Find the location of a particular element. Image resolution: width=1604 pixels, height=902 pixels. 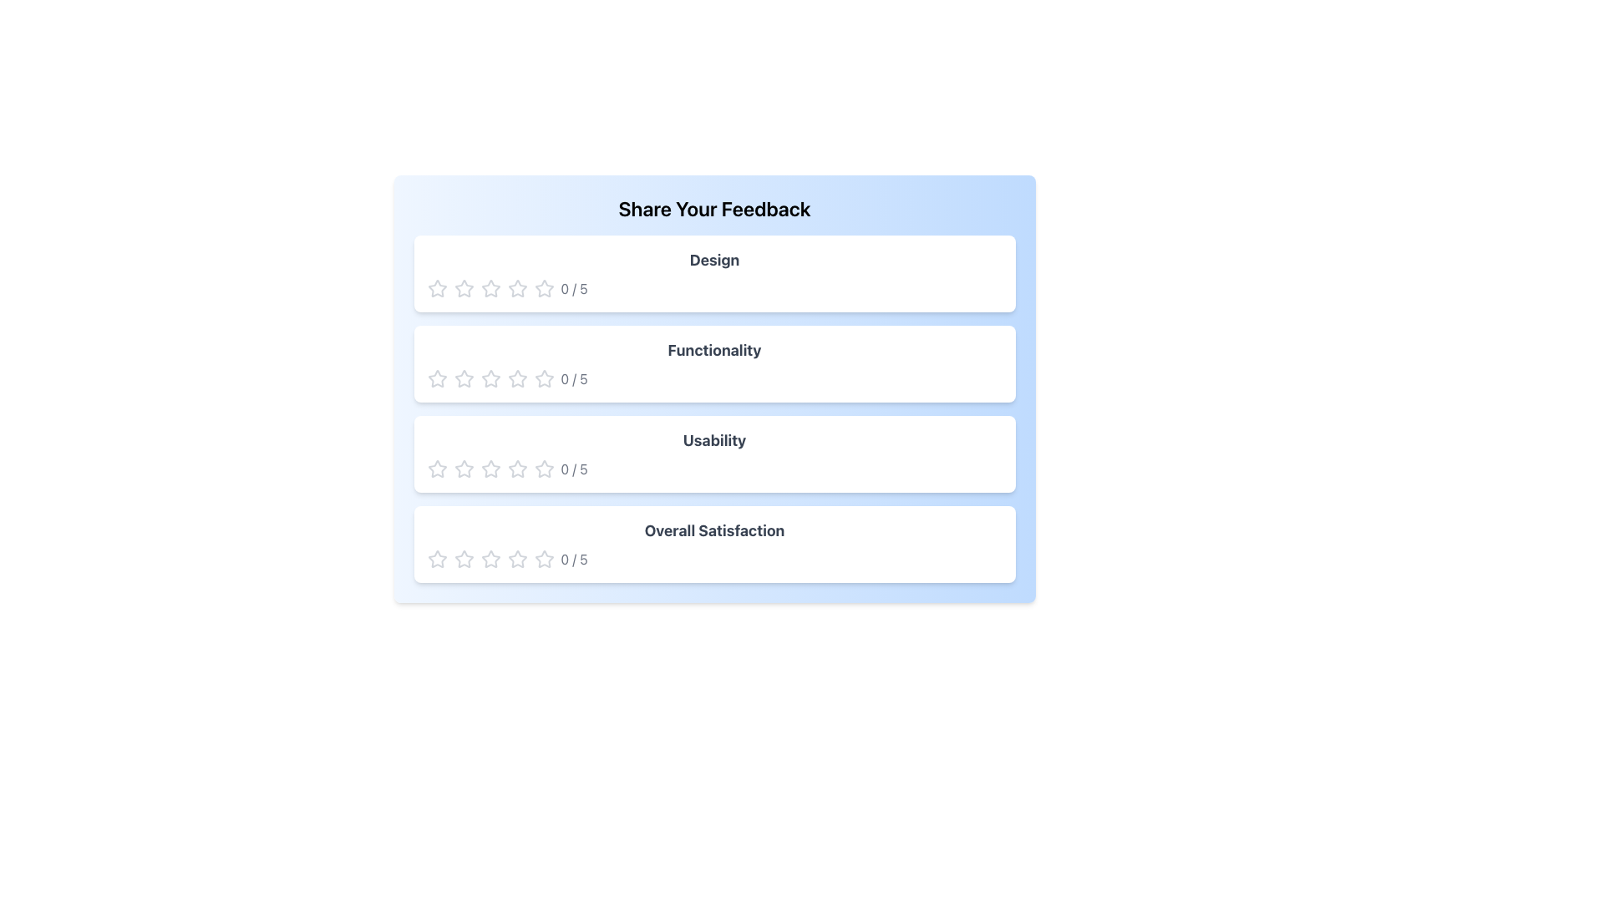

the mouse across the series of stars is located at coordinates (516, 379).